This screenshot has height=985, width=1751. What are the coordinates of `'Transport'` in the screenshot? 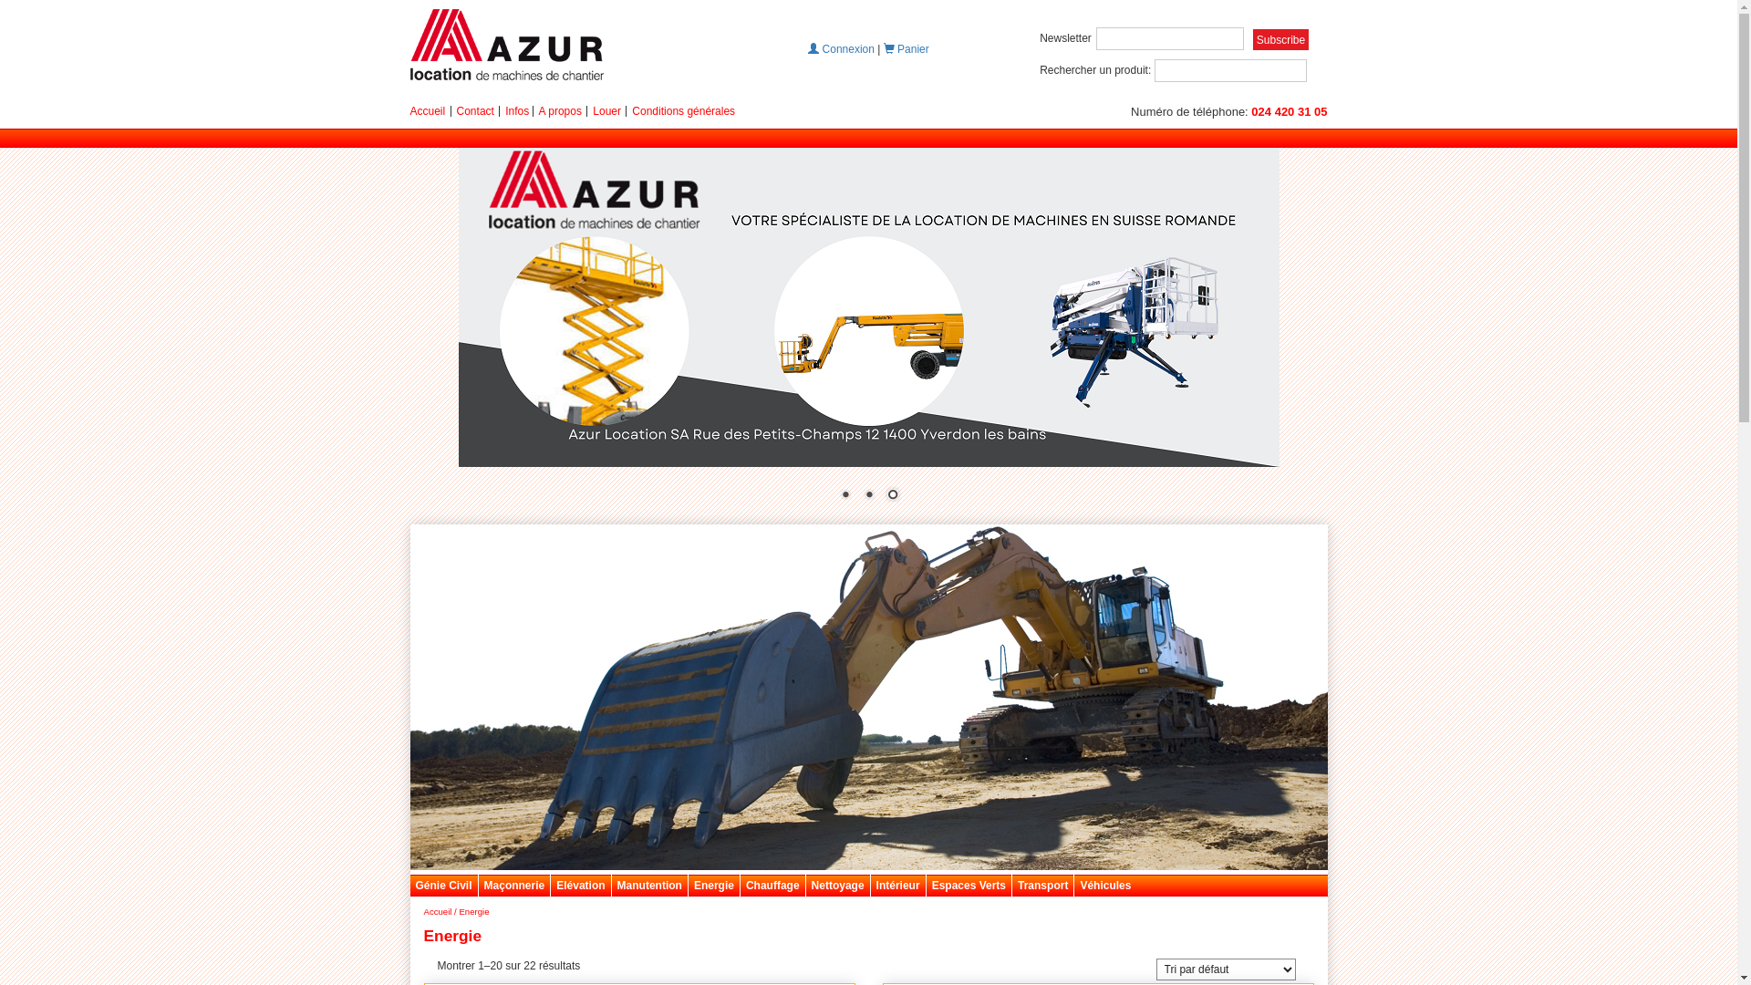 It's located at (1042, 886).